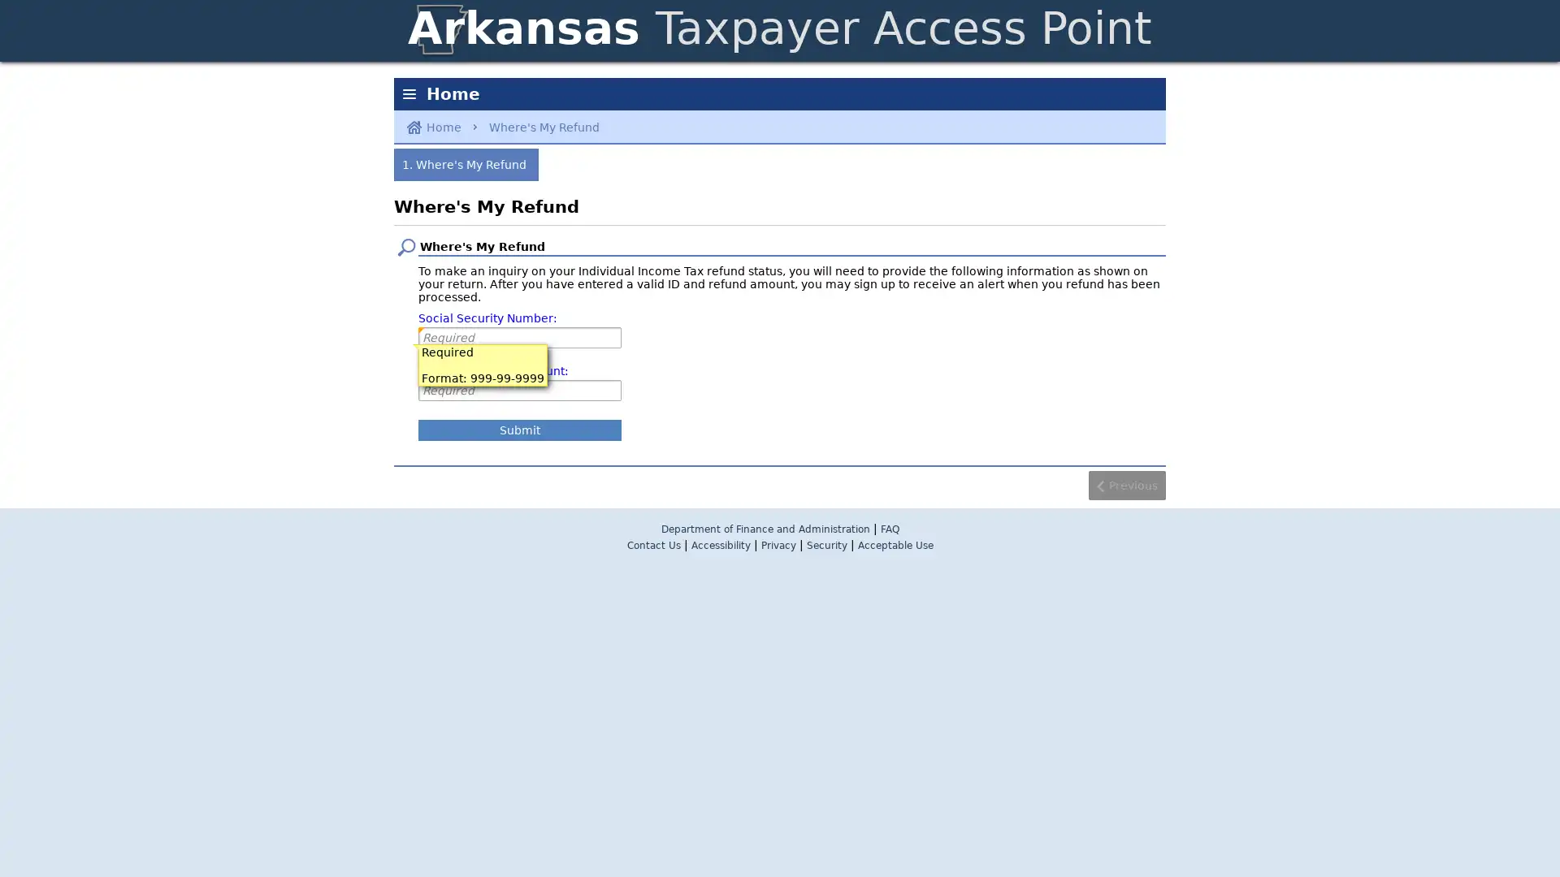 This screenshot has height=877, width=1560. What do you see at coordinates (518, 429) in the screenshot?
I see `Submit` at bounding box center [518, 429].